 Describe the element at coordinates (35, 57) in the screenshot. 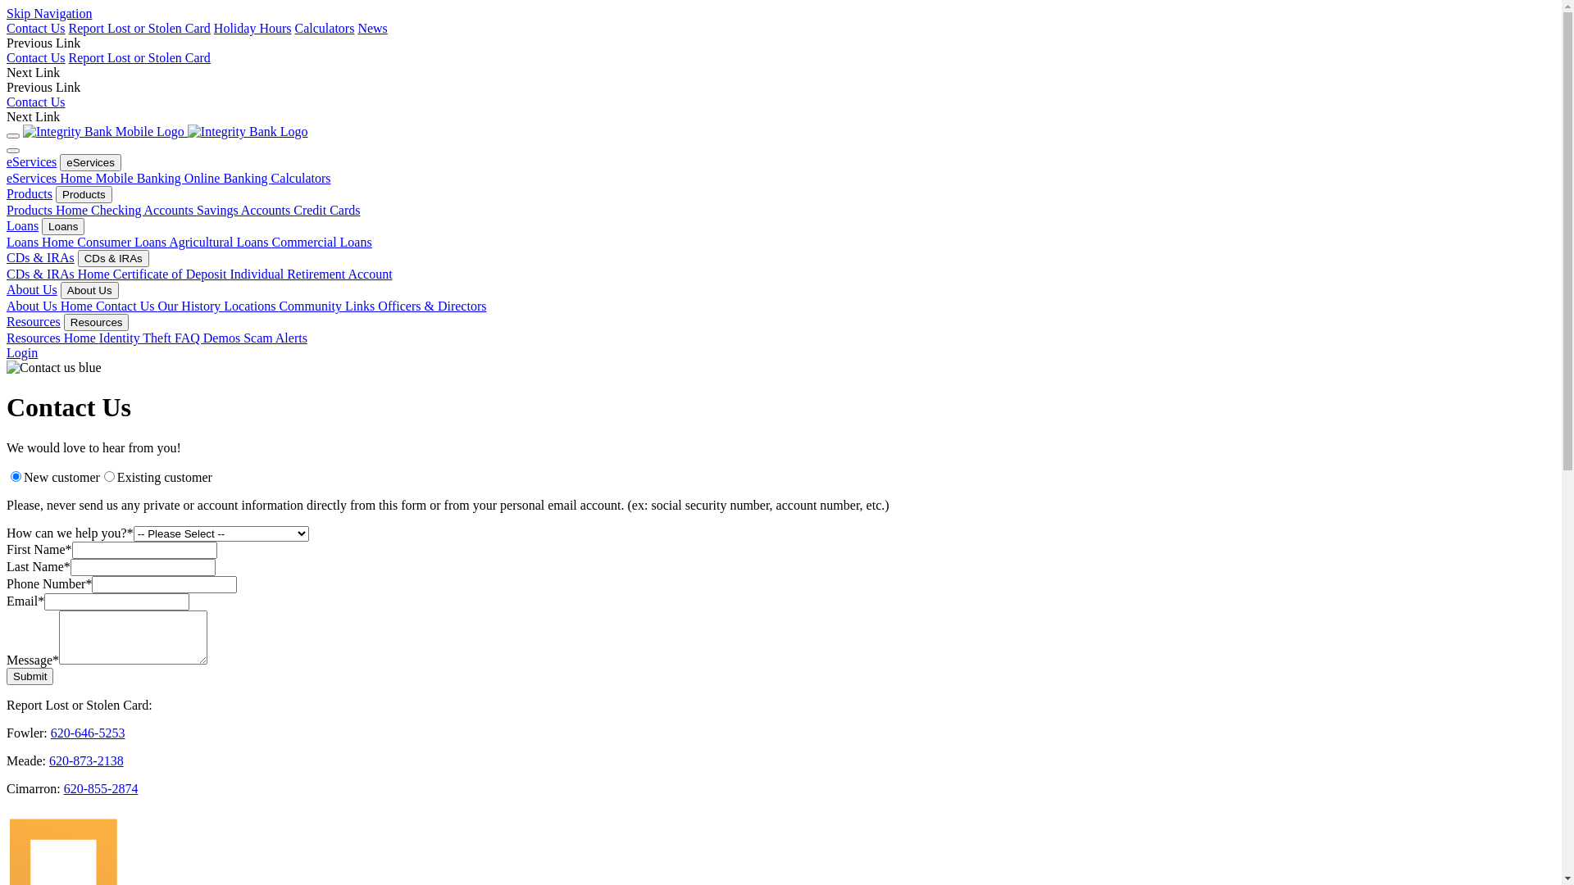

I see `'Contact Us'` at that location.